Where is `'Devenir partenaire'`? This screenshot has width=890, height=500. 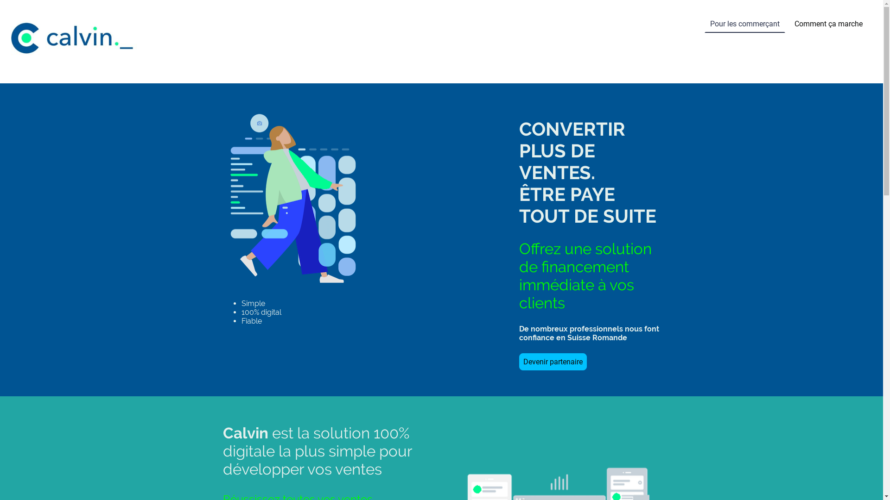
'Devenir partenaire' is located at coordinates (553, 361).